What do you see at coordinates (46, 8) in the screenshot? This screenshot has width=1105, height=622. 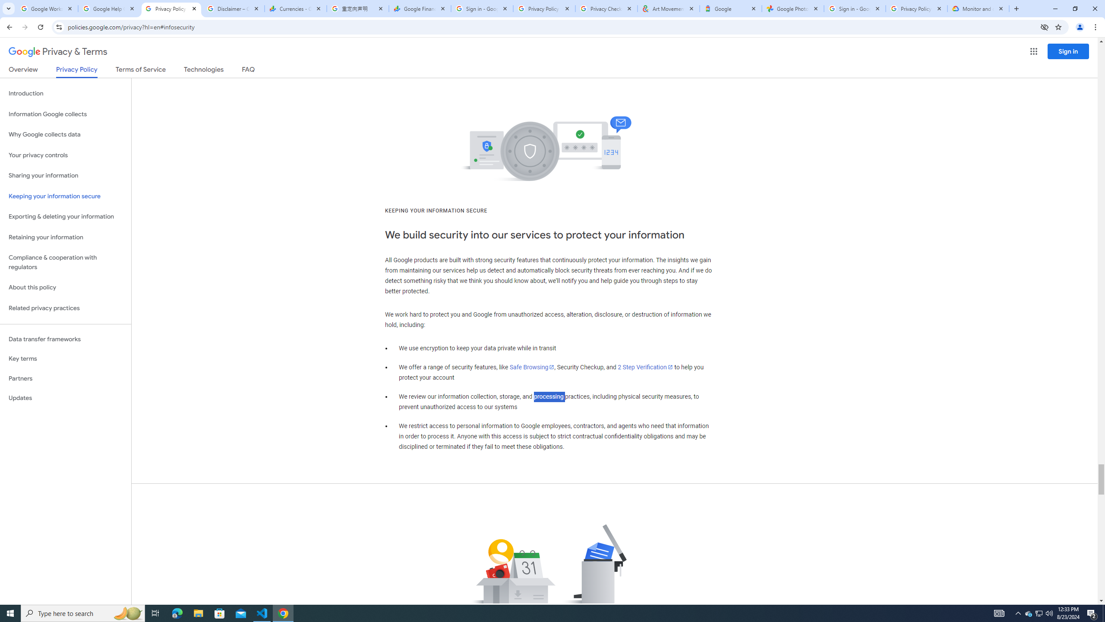 I see `'Google Workspace Admin Community'` at bounding box center [46, 8].